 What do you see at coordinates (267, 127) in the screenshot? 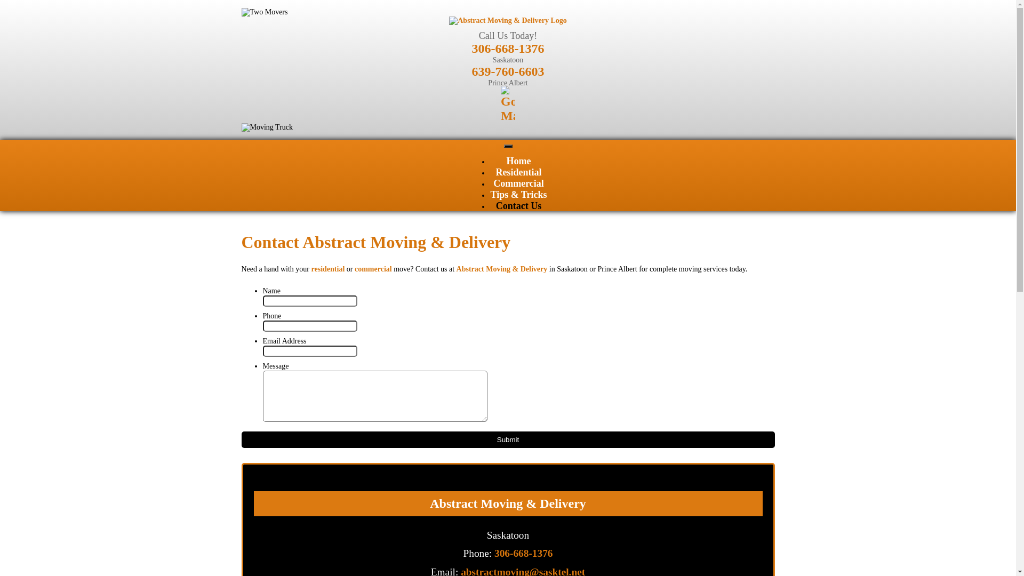
I see `'Moving Truck'` at bounding box center [267, 127].